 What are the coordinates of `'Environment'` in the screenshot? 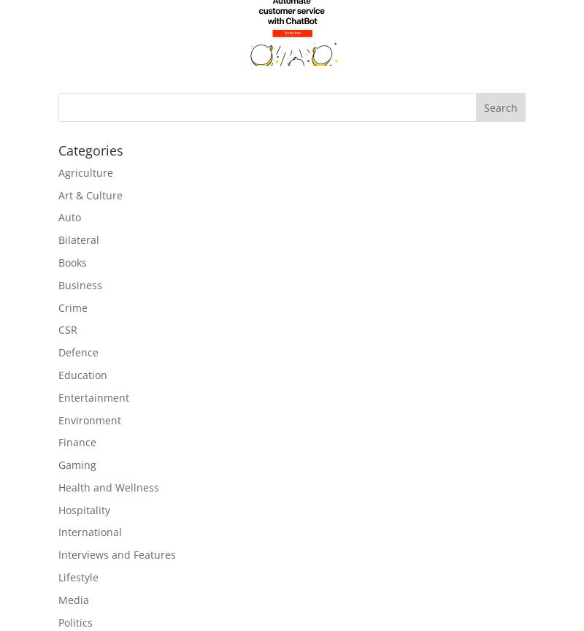 It's located at (88, 418).